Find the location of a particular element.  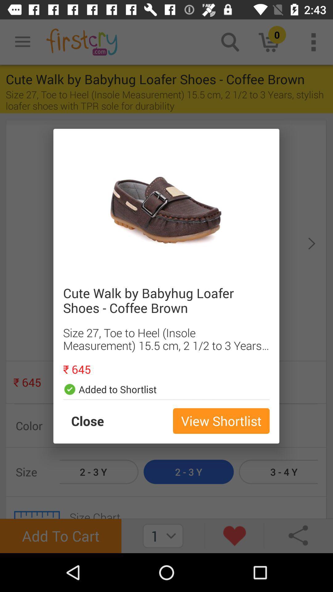

close at the bottom left corner is located at coordinates (94, 421).